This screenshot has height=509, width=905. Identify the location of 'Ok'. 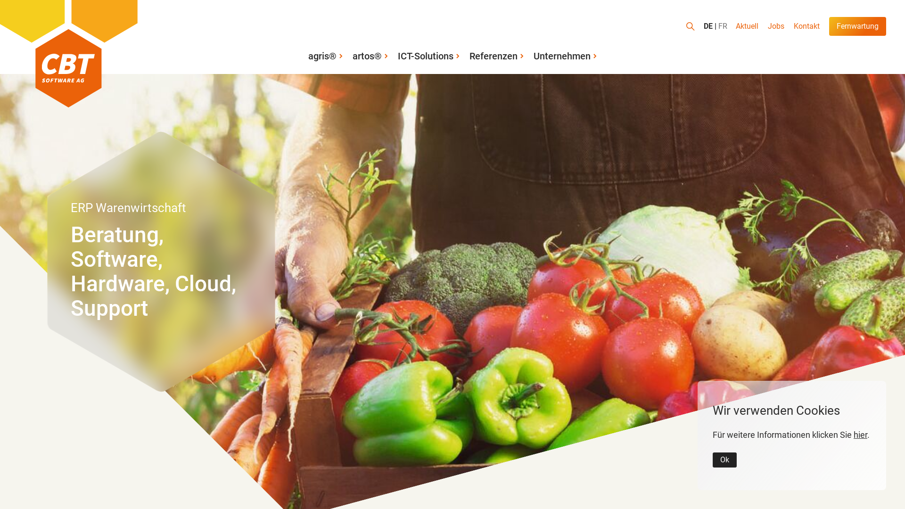
(713, 459).